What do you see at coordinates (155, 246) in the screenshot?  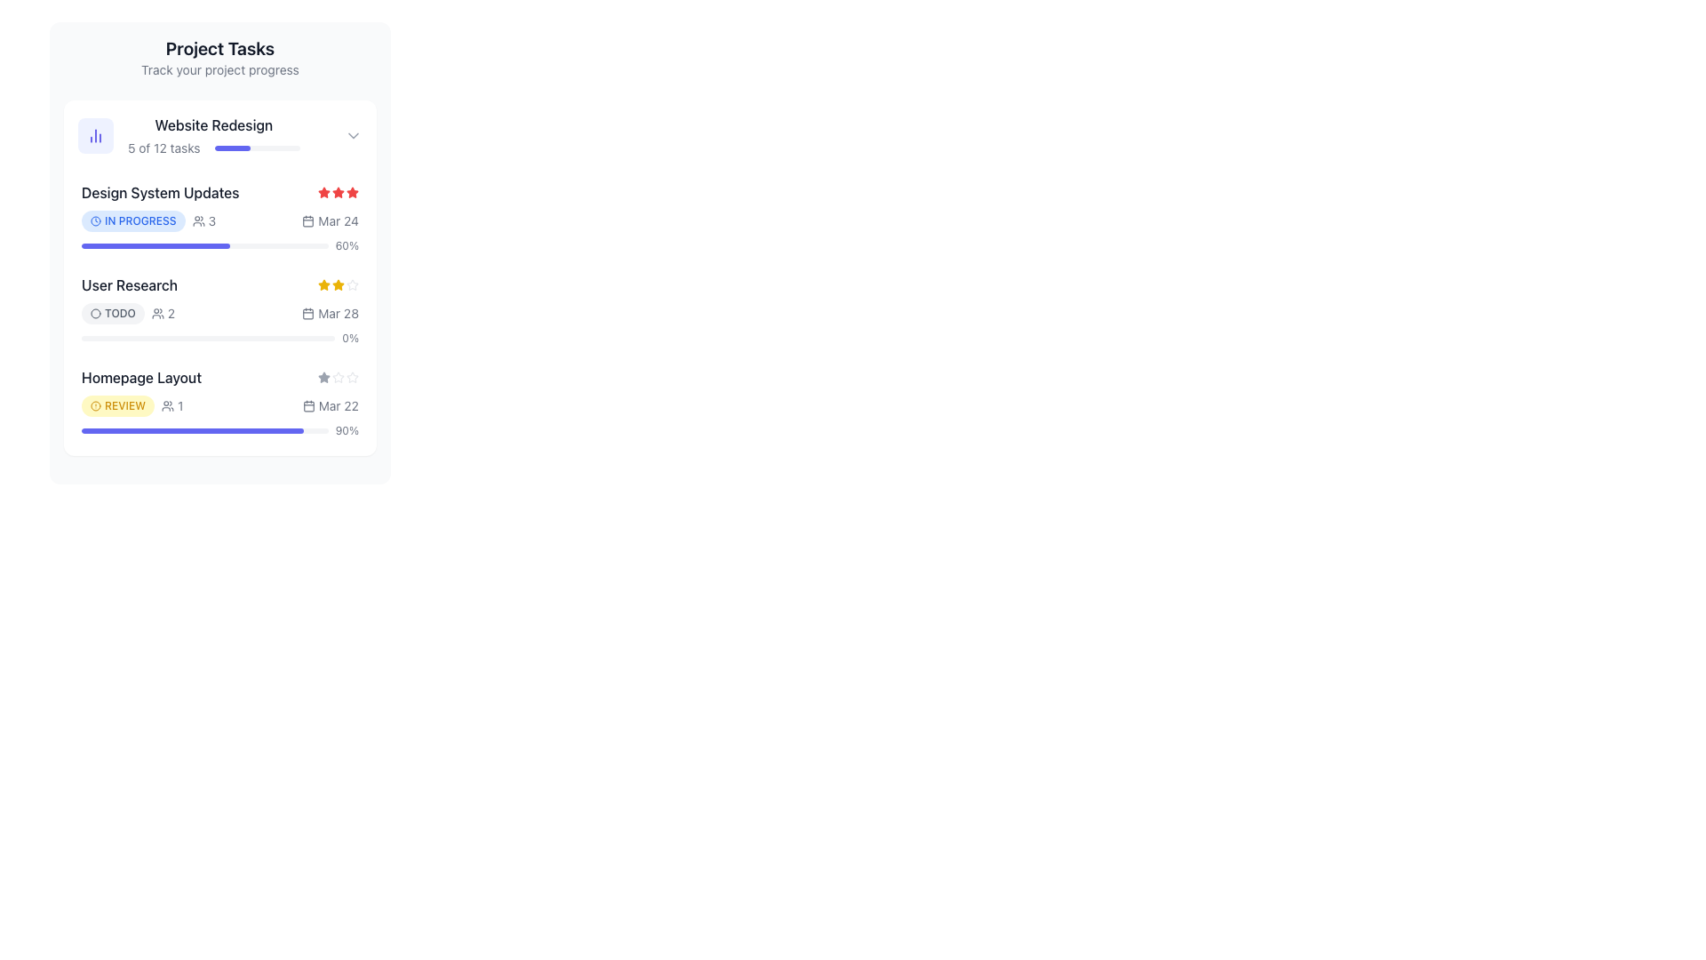 I see `the progress bar segment that visually represents 60% progress for the task associated with 'Design System Updates.'` at bounding box center [155, 246].